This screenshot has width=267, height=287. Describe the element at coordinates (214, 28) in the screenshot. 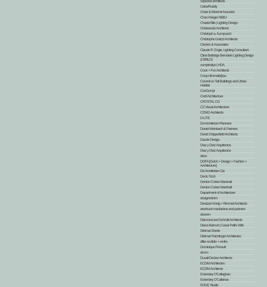

I see `'Chetwoods Architects'` at that location.